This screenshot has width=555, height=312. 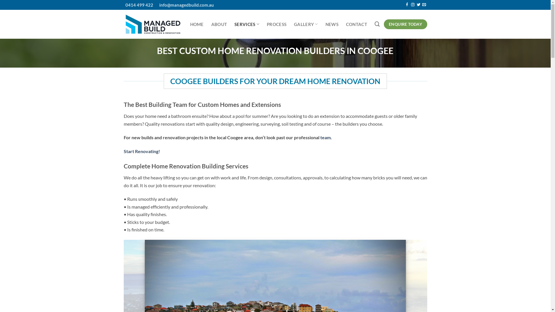 What do you see at coordinates (153, 24) in the screenshot?
I see `'Managed Build - Renovations | New Builds | Extensions'` at bounding box center [153, 24].